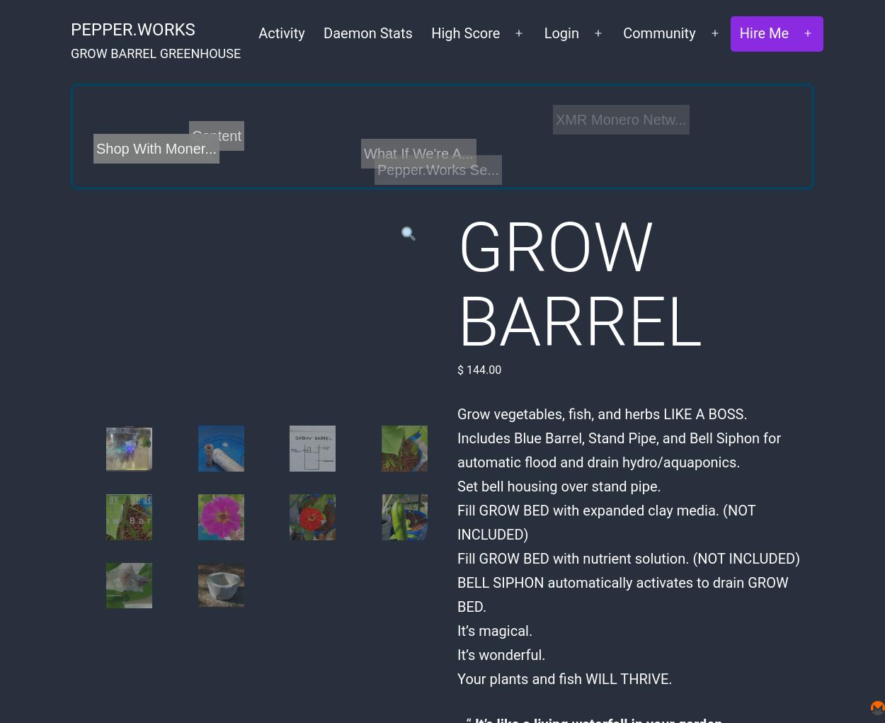 The width and height of the screenshot is (885, 723). I want to click on 'What If We're A...', so click(418, 153).